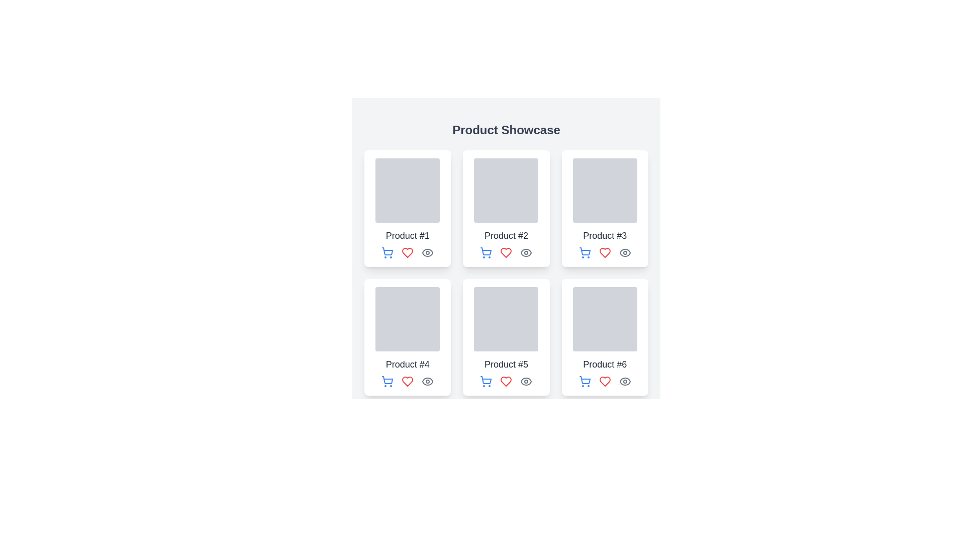 This screenshot has height=543, width=965. I want to click on the blue shopping cart icon button located in the bottom-left corner of the footer of the sixth product card, so click(585, 382).